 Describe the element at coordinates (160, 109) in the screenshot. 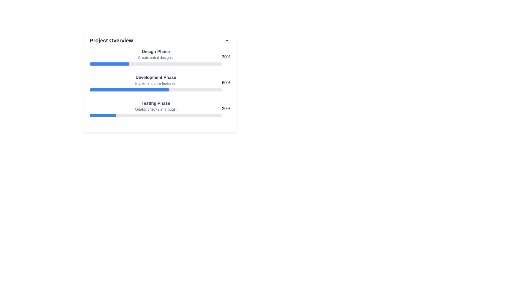

I see `the 'Testing Phase' progress bar to potentially see tooltip details` at that location.